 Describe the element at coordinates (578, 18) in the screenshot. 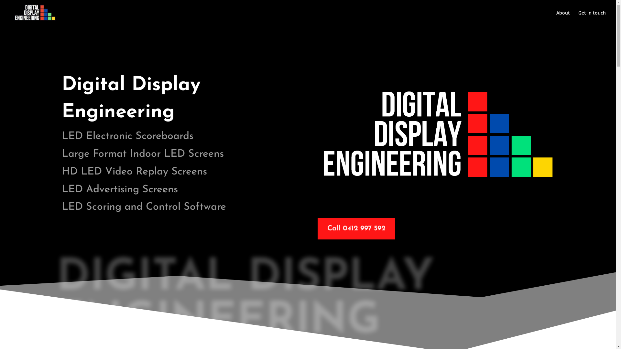

I see `'Get in touch'` at that location.